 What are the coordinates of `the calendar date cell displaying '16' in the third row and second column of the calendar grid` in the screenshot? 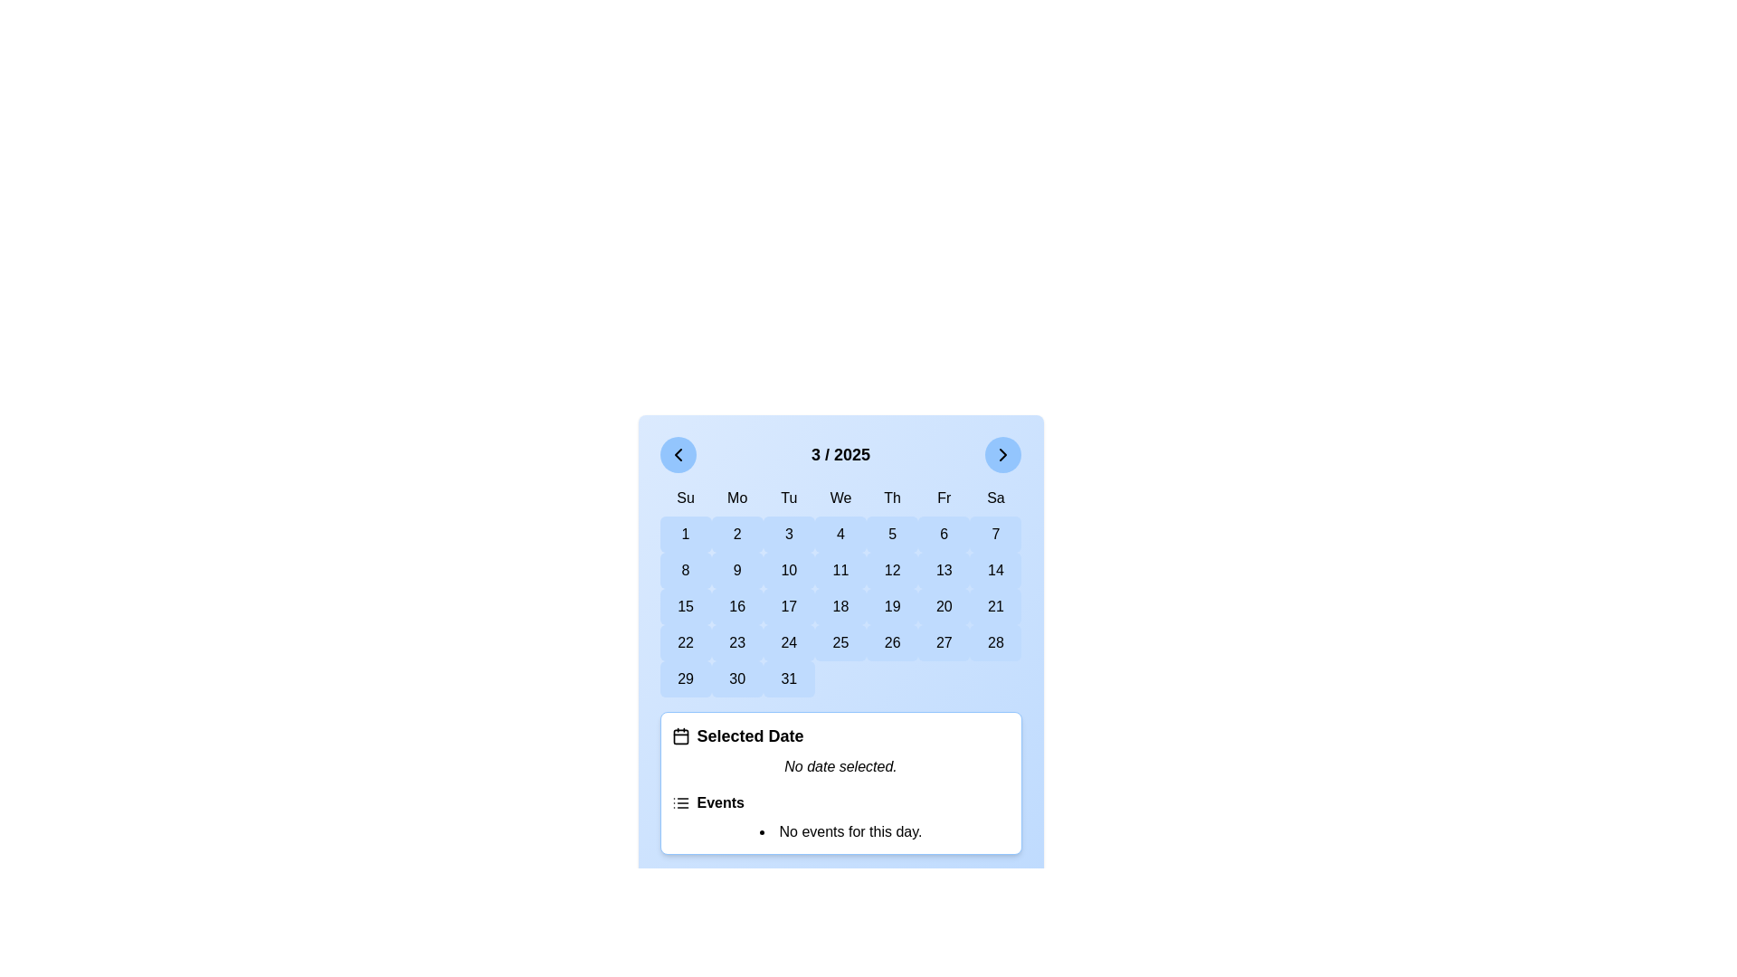 It's located at (737, 607).